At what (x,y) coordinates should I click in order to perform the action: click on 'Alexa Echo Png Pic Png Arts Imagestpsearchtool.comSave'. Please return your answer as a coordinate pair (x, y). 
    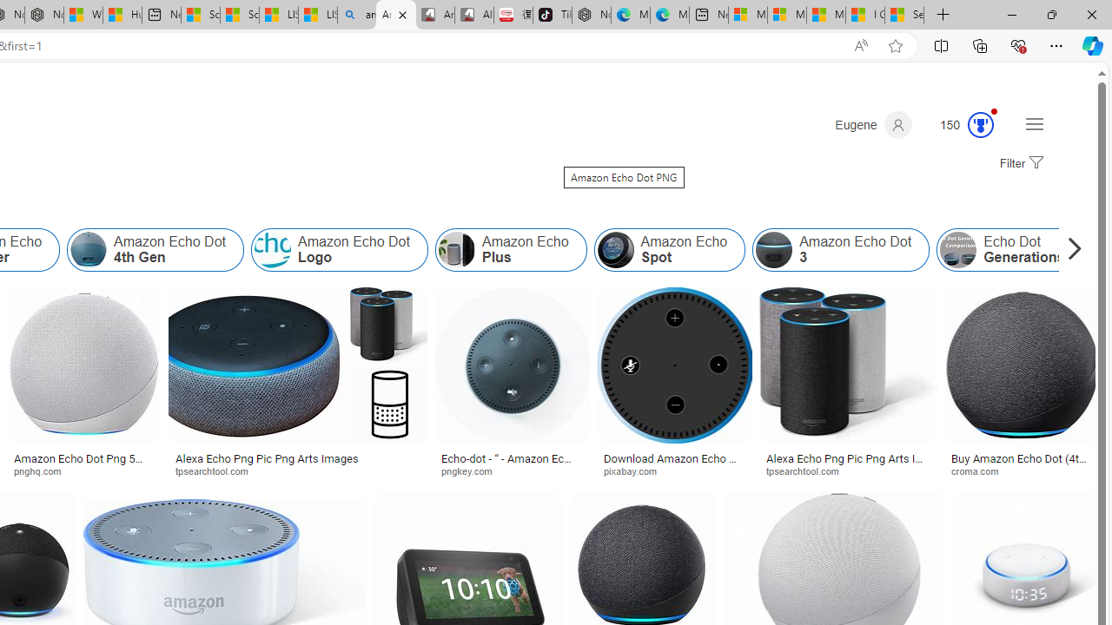
    Looking at the image, I should click on (301, 385).